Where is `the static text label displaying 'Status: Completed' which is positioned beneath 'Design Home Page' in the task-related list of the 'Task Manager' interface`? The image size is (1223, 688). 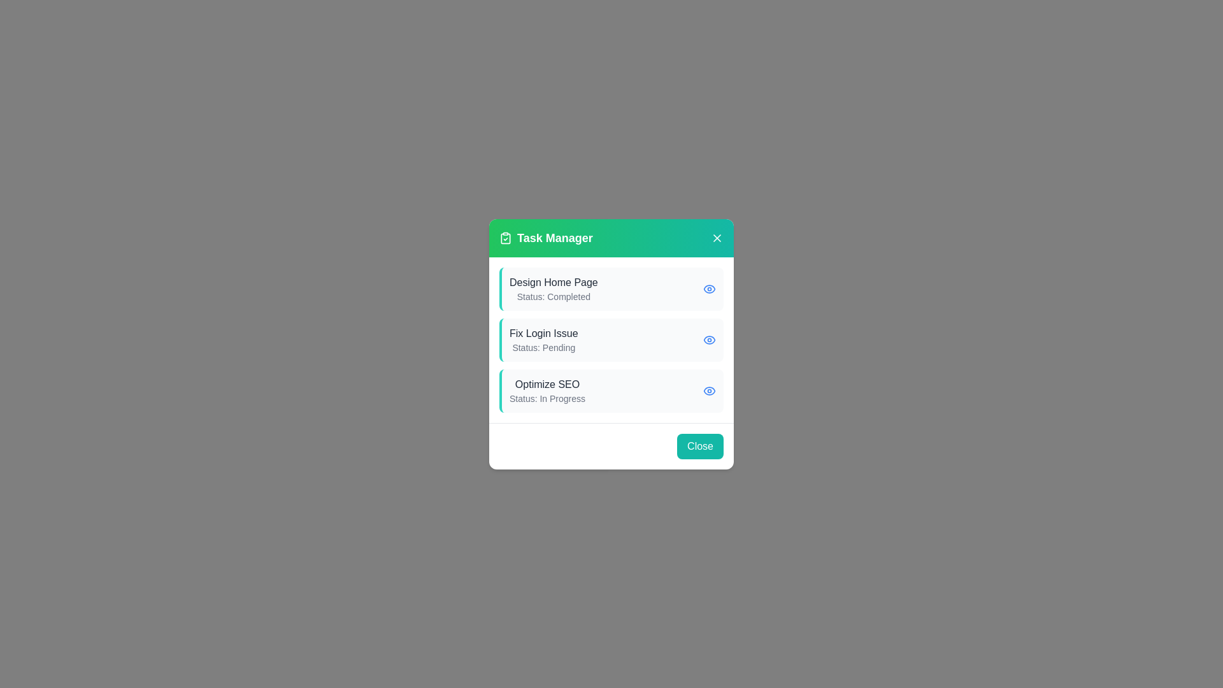 the static text label displaying 'Status: Completed' which is positioned beneath 'Design Home Page' in the task-related list of the 'Task Manager' interface is located at coordinates (554, 296).